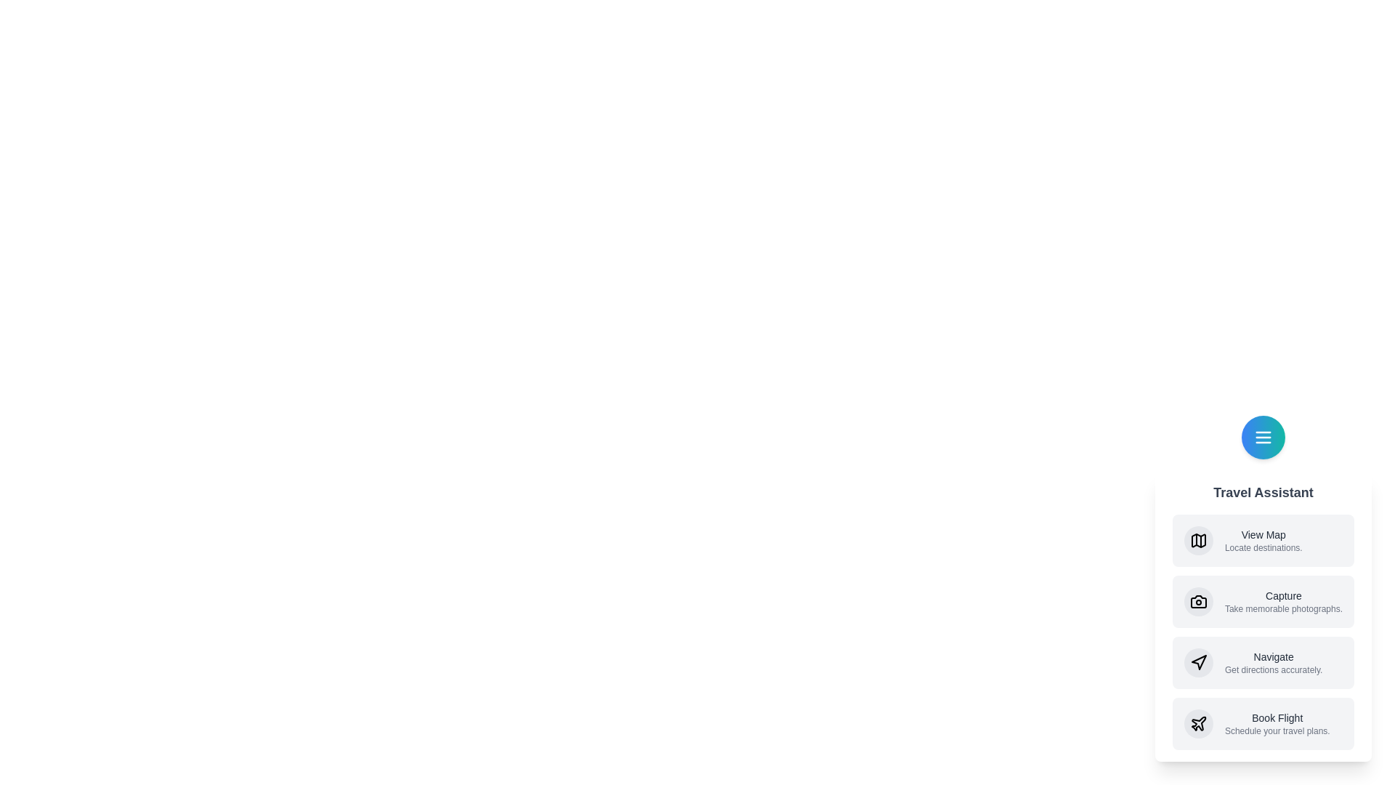 The image size is (1395, 785). What do you see at coordinates (1276, 723) in the screenshot?
I see `the 'Book Flight' option to activate it` at bounding box center [1276, 723].